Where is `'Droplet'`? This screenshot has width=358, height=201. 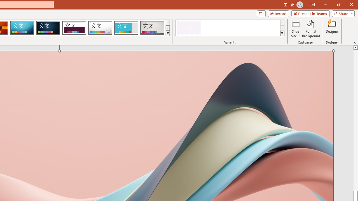 'Droplet' is located at coordinates (100, 28).